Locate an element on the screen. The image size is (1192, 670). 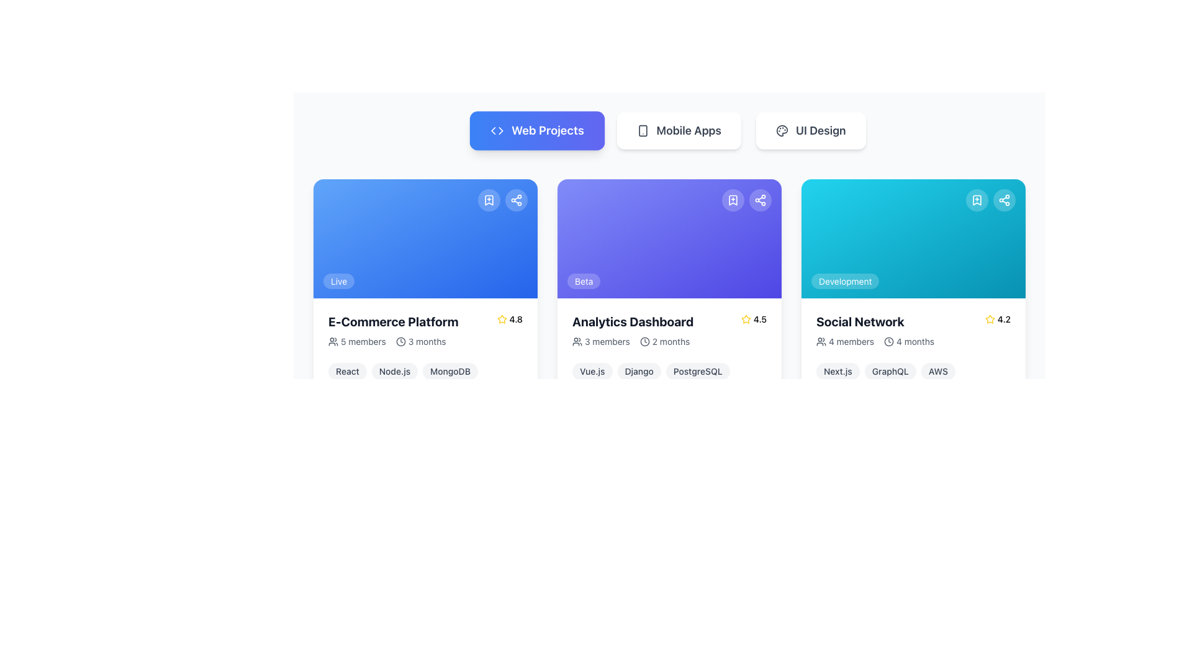
the star icon, which is a yellow-filled star with a black outline located at the bottom-right area of the third card in the grid layout, associated with the 'Social Network' project and adjacent to the numerical rating value '4.2' is located at coordinates (989, 318).